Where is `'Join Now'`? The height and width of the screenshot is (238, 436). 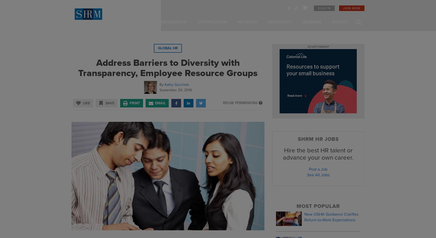 'Join Now' is located at coordinates (351, 8).